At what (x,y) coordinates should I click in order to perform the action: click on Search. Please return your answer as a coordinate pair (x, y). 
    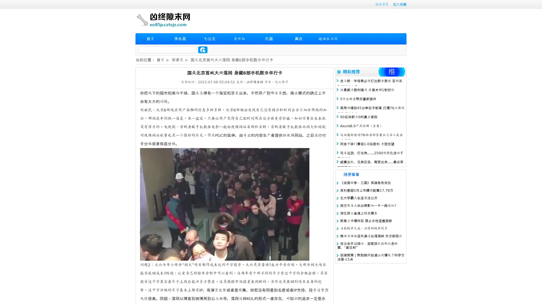
    Looking at the image, I should click on (203, 50).